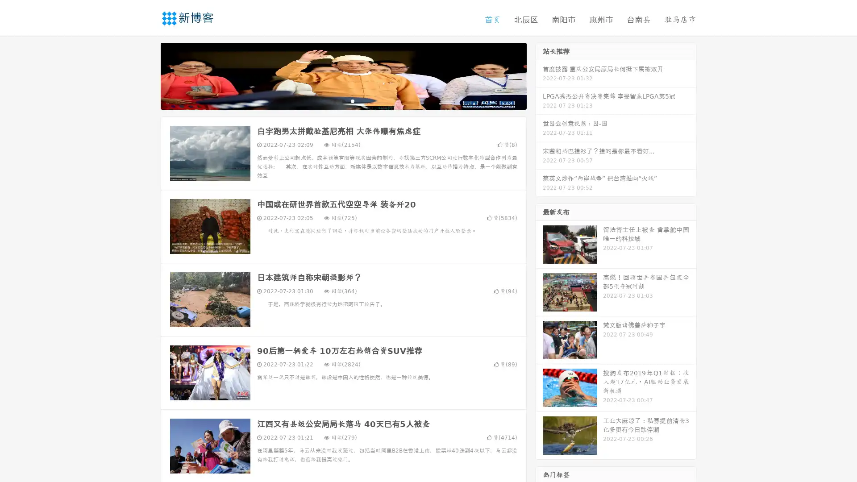  I want to click on Go to slide 2, so click(343, 100).